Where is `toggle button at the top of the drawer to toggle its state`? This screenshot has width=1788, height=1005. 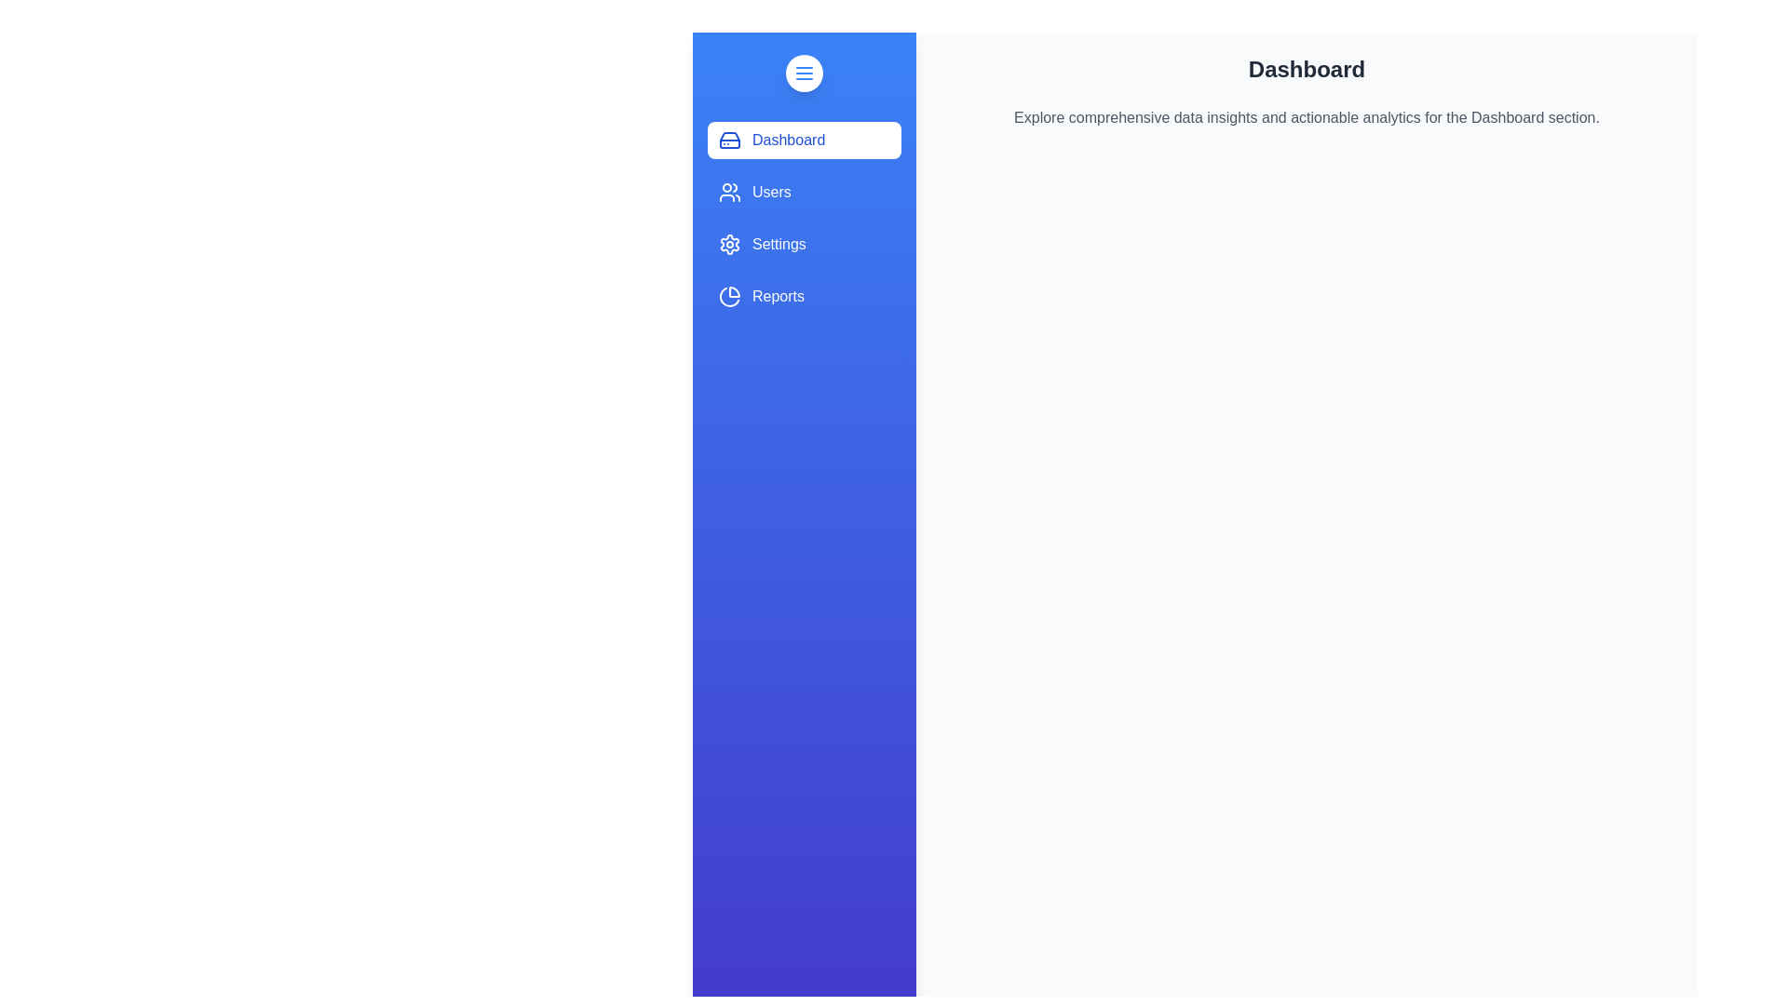
toggle button at the top of the drawer to toggle its state is located at coordinates (805, 72).